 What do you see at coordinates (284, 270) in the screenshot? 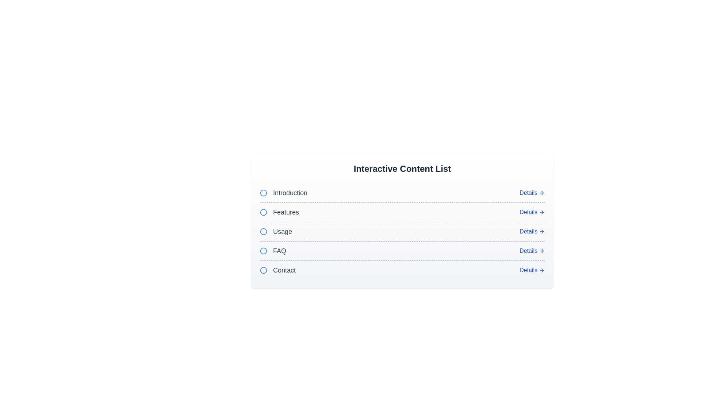
I see `the fifth text label in the list related to 'Contact'` at bounding box center [284, 270].